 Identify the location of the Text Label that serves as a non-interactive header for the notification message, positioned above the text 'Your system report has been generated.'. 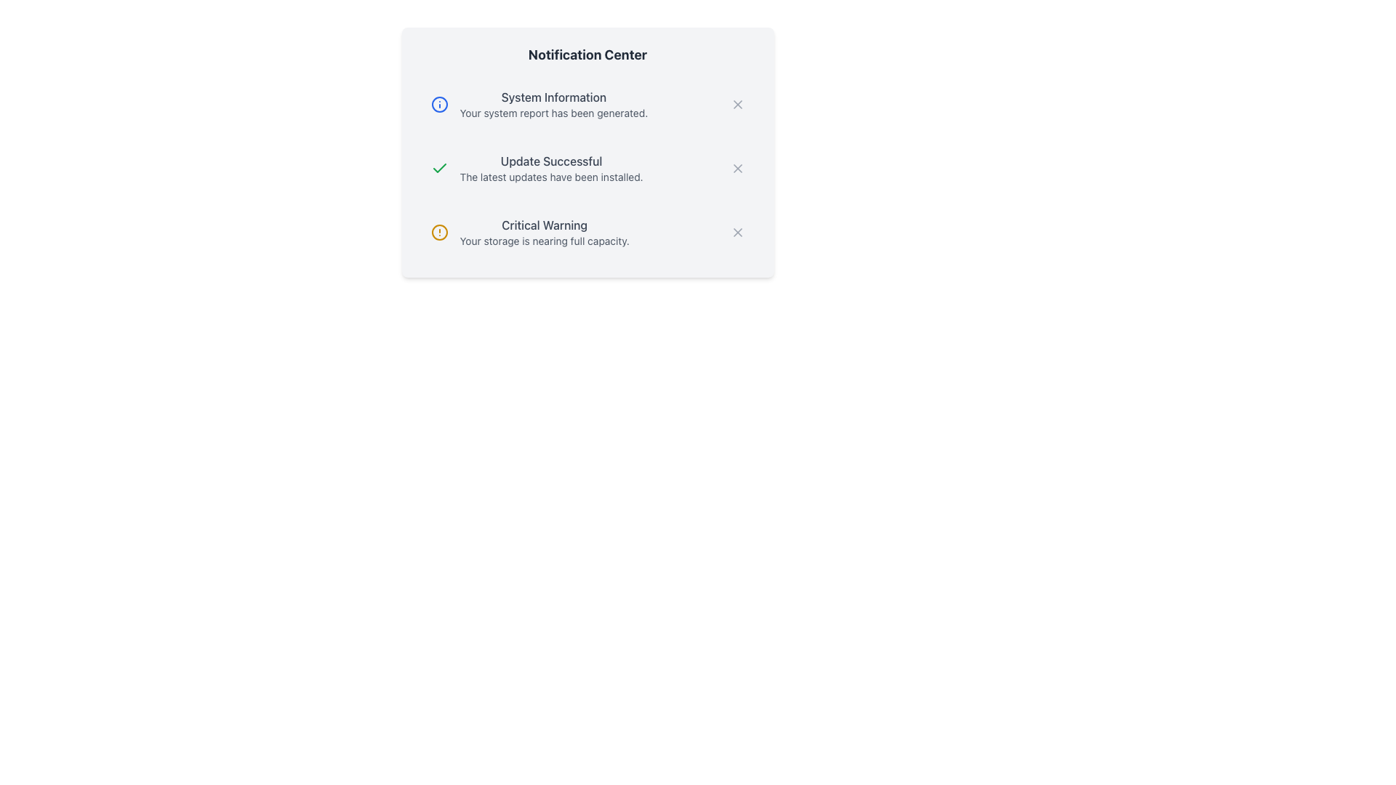
(553, 97).